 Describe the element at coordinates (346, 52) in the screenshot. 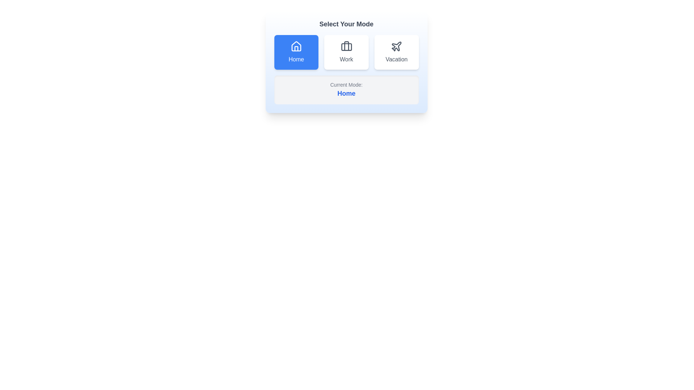

I see `the Work button to observe its hover effect` at that location.